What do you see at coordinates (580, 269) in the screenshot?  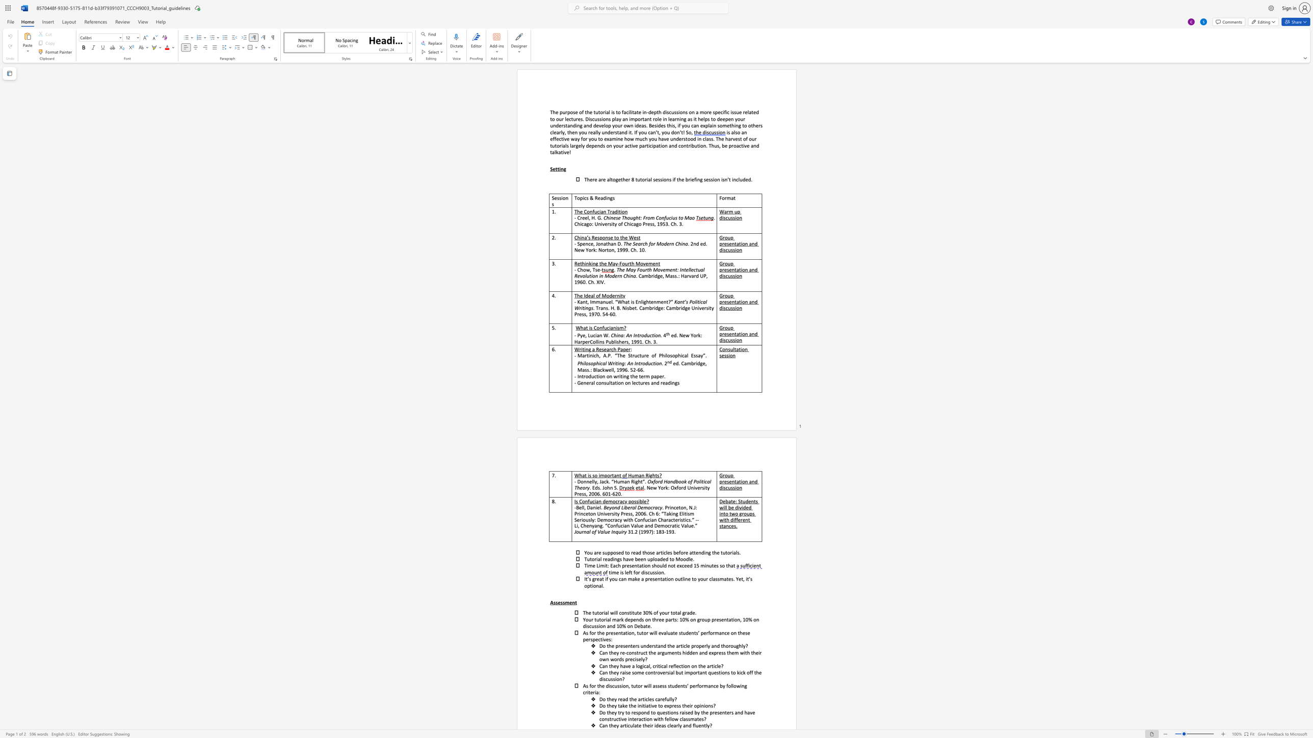 I see `the subset text "how," within the text "- Chow, Tse-"` at bounding box center [580, 269].